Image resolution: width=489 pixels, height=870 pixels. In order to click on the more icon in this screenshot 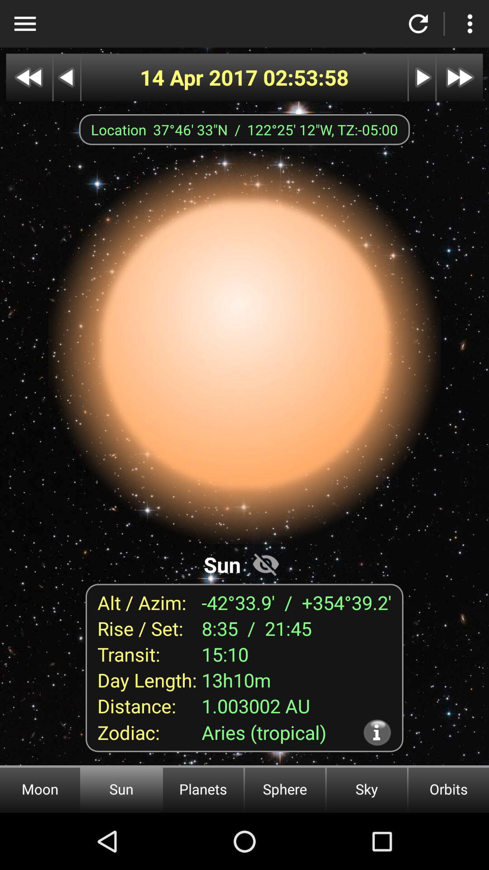, I will do `click(469, 24)`.